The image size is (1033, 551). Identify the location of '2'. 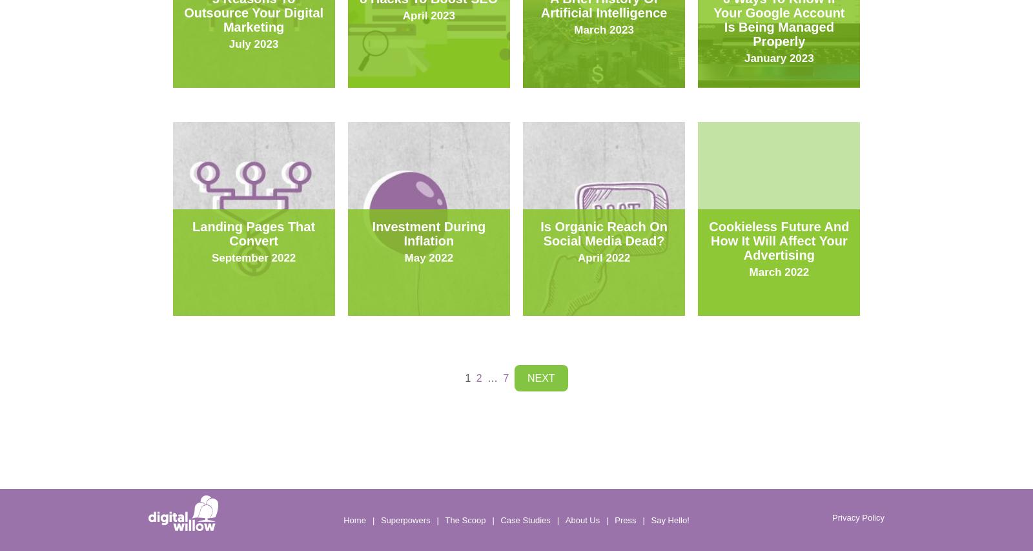
(478, 378).